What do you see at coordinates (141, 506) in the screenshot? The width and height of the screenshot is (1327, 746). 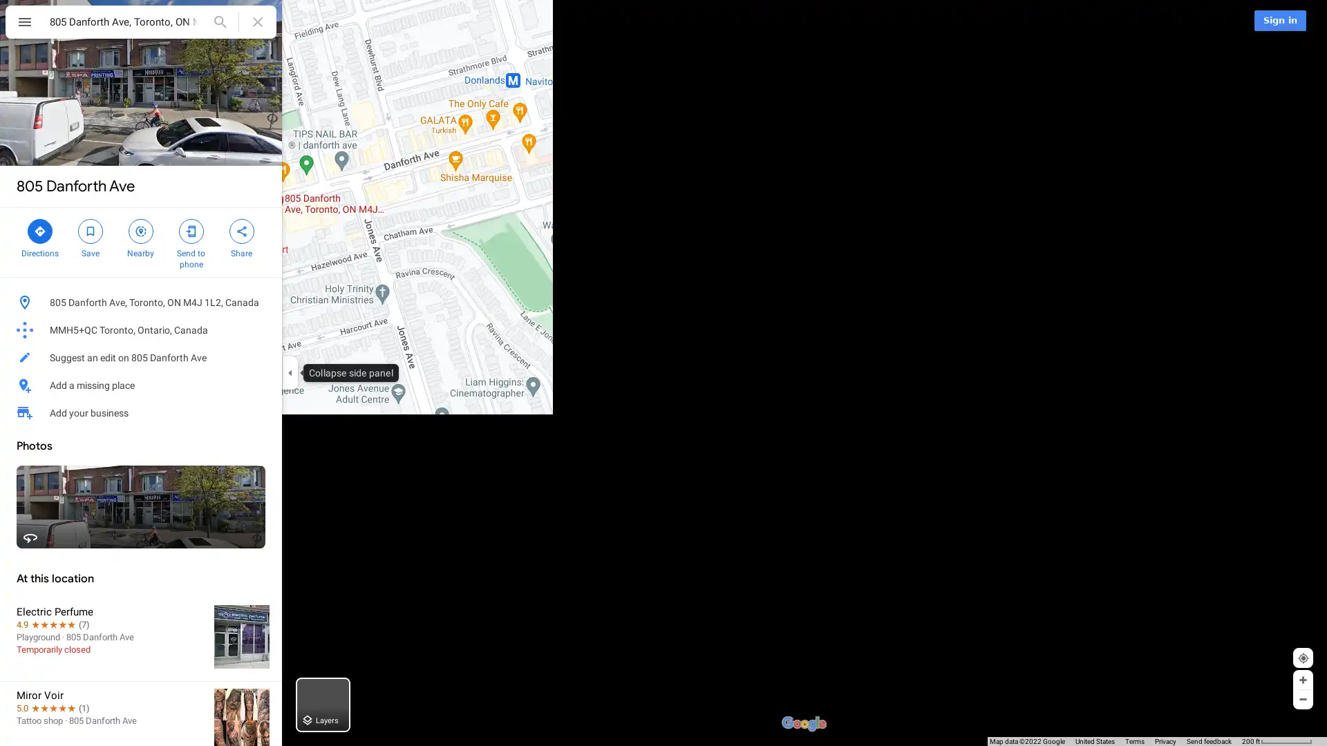 I see `Street View` at bounding box center [141, 506].